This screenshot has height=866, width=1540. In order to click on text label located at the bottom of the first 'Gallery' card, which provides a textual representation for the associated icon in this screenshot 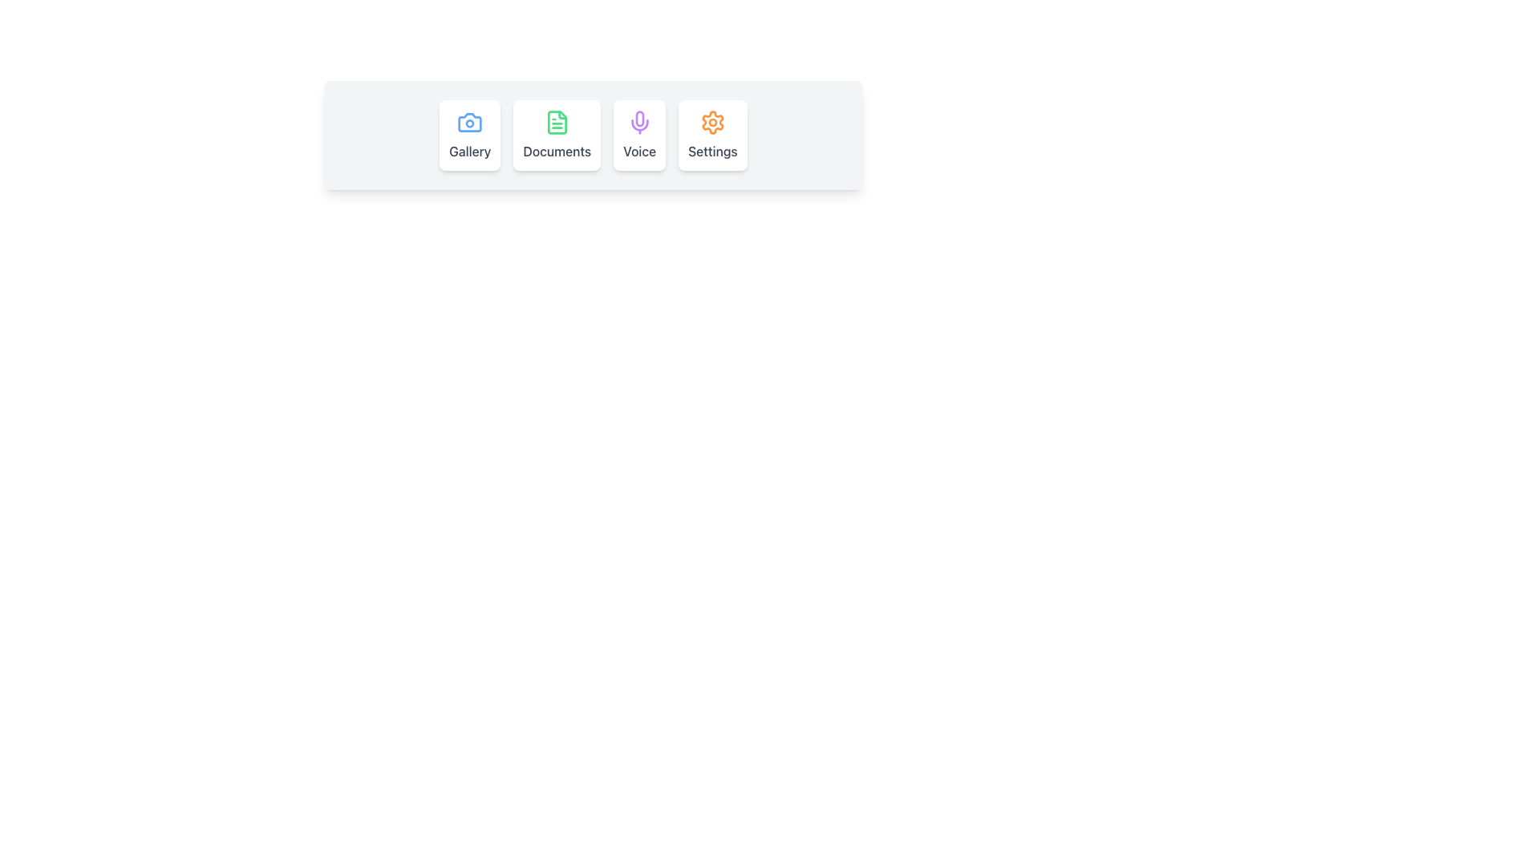, I will do `click(469, 152)`.